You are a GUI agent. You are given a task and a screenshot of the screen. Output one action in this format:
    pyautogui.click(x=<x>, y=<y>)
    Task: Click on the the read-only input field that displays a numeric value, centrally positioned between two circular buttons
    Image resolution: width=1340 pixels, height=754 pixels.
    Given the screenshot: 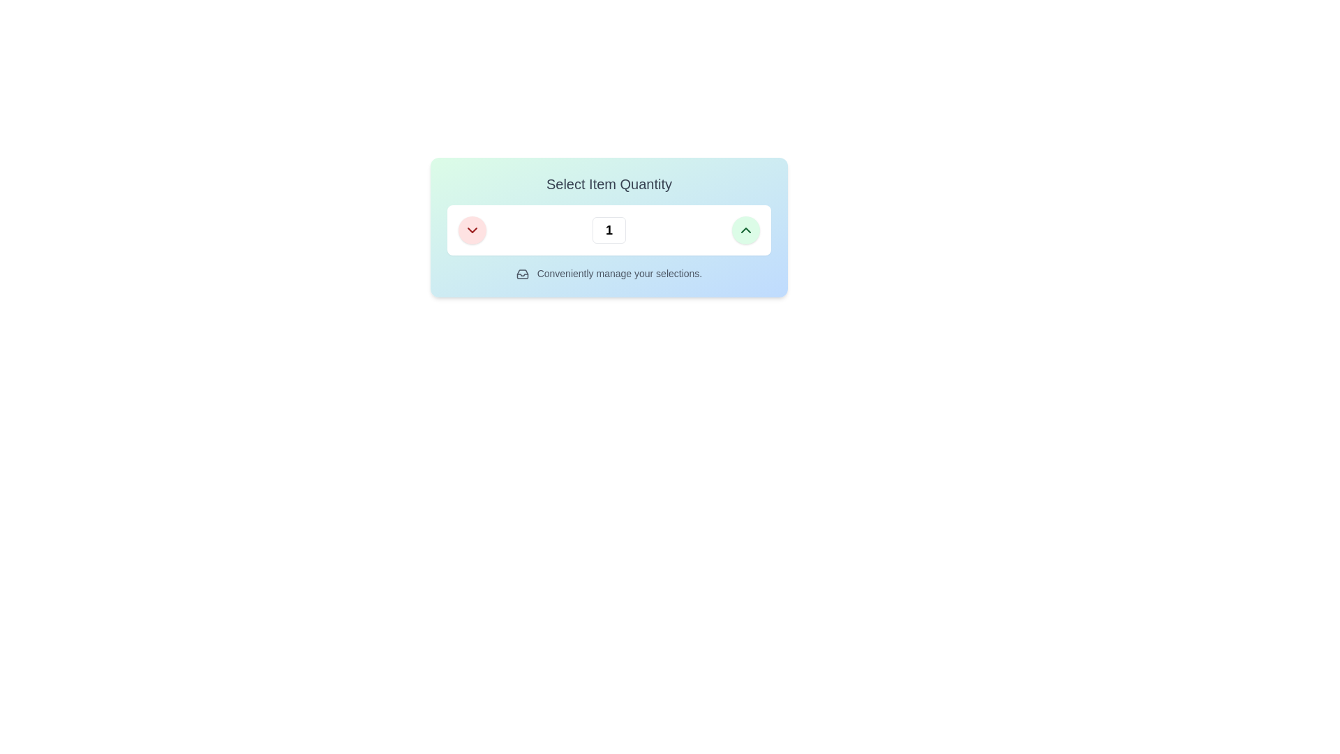 What is the action you would take?
    pyautogui.click(x=609, y=230)
    